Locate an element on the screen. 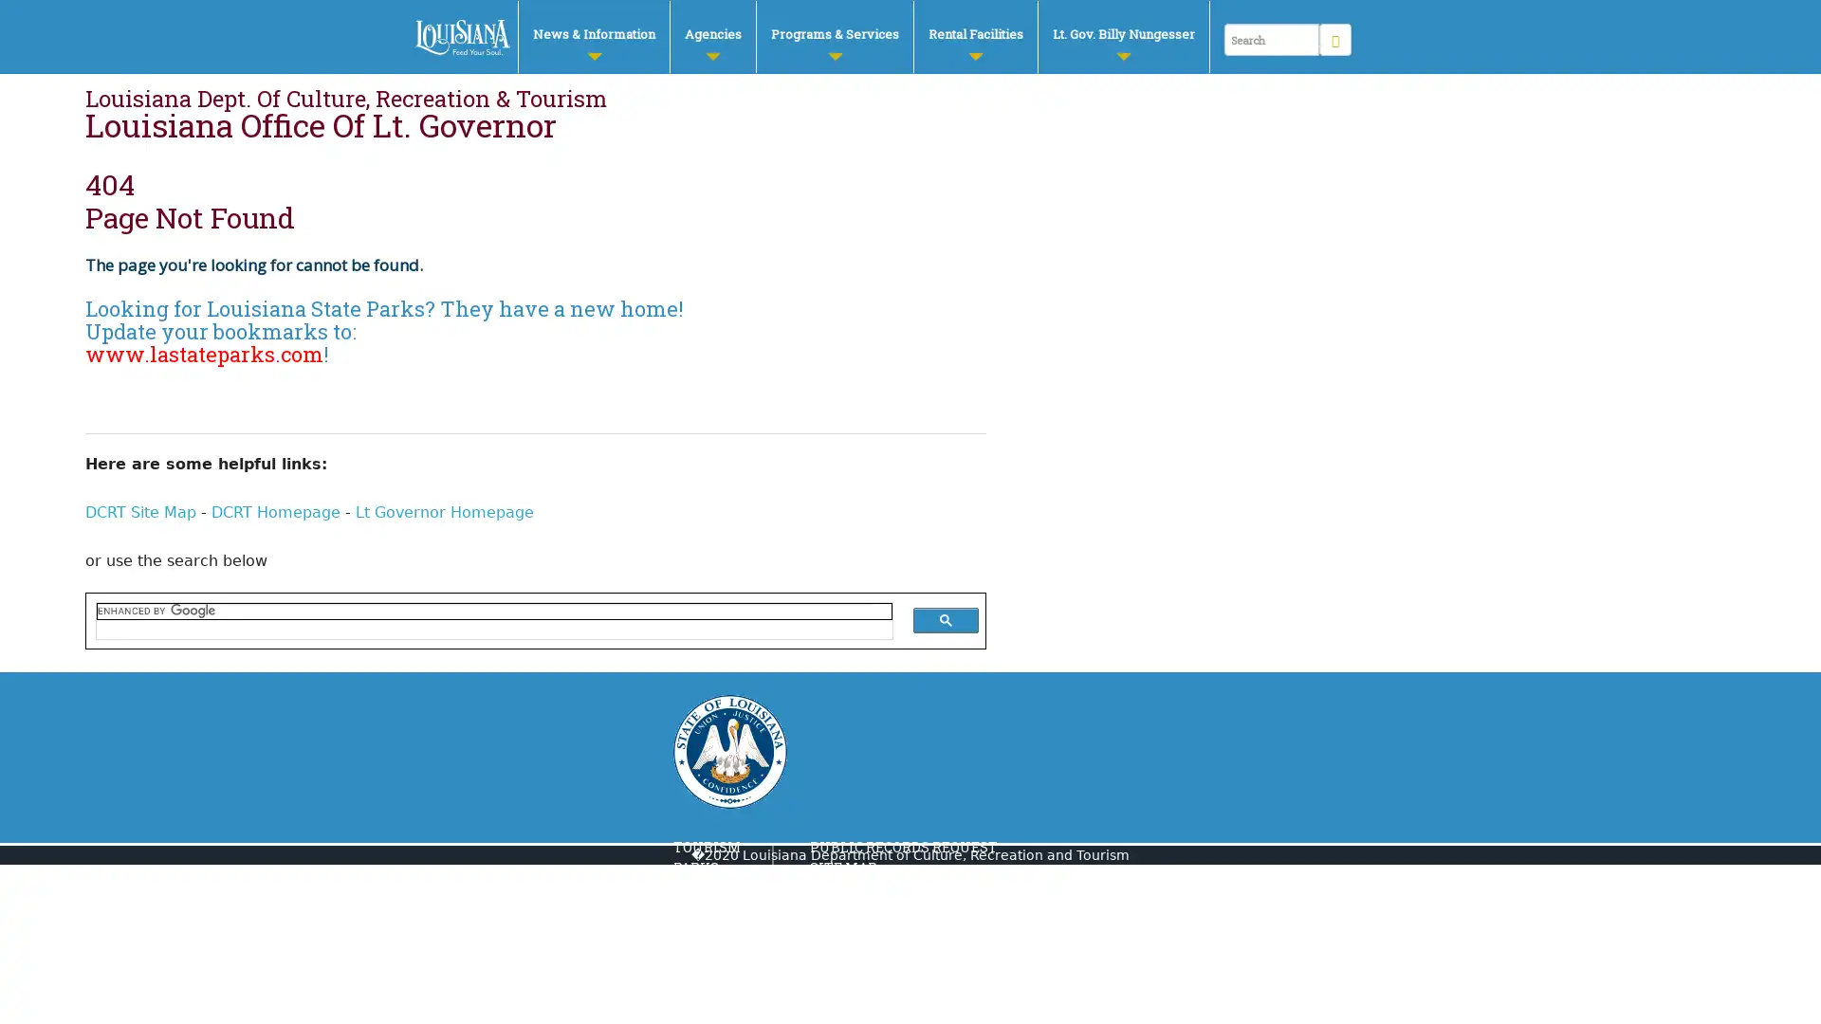 The image size is (1821, 1024). Lt. Gov. Billy Nungesser is located at coordinates (1124, 36).